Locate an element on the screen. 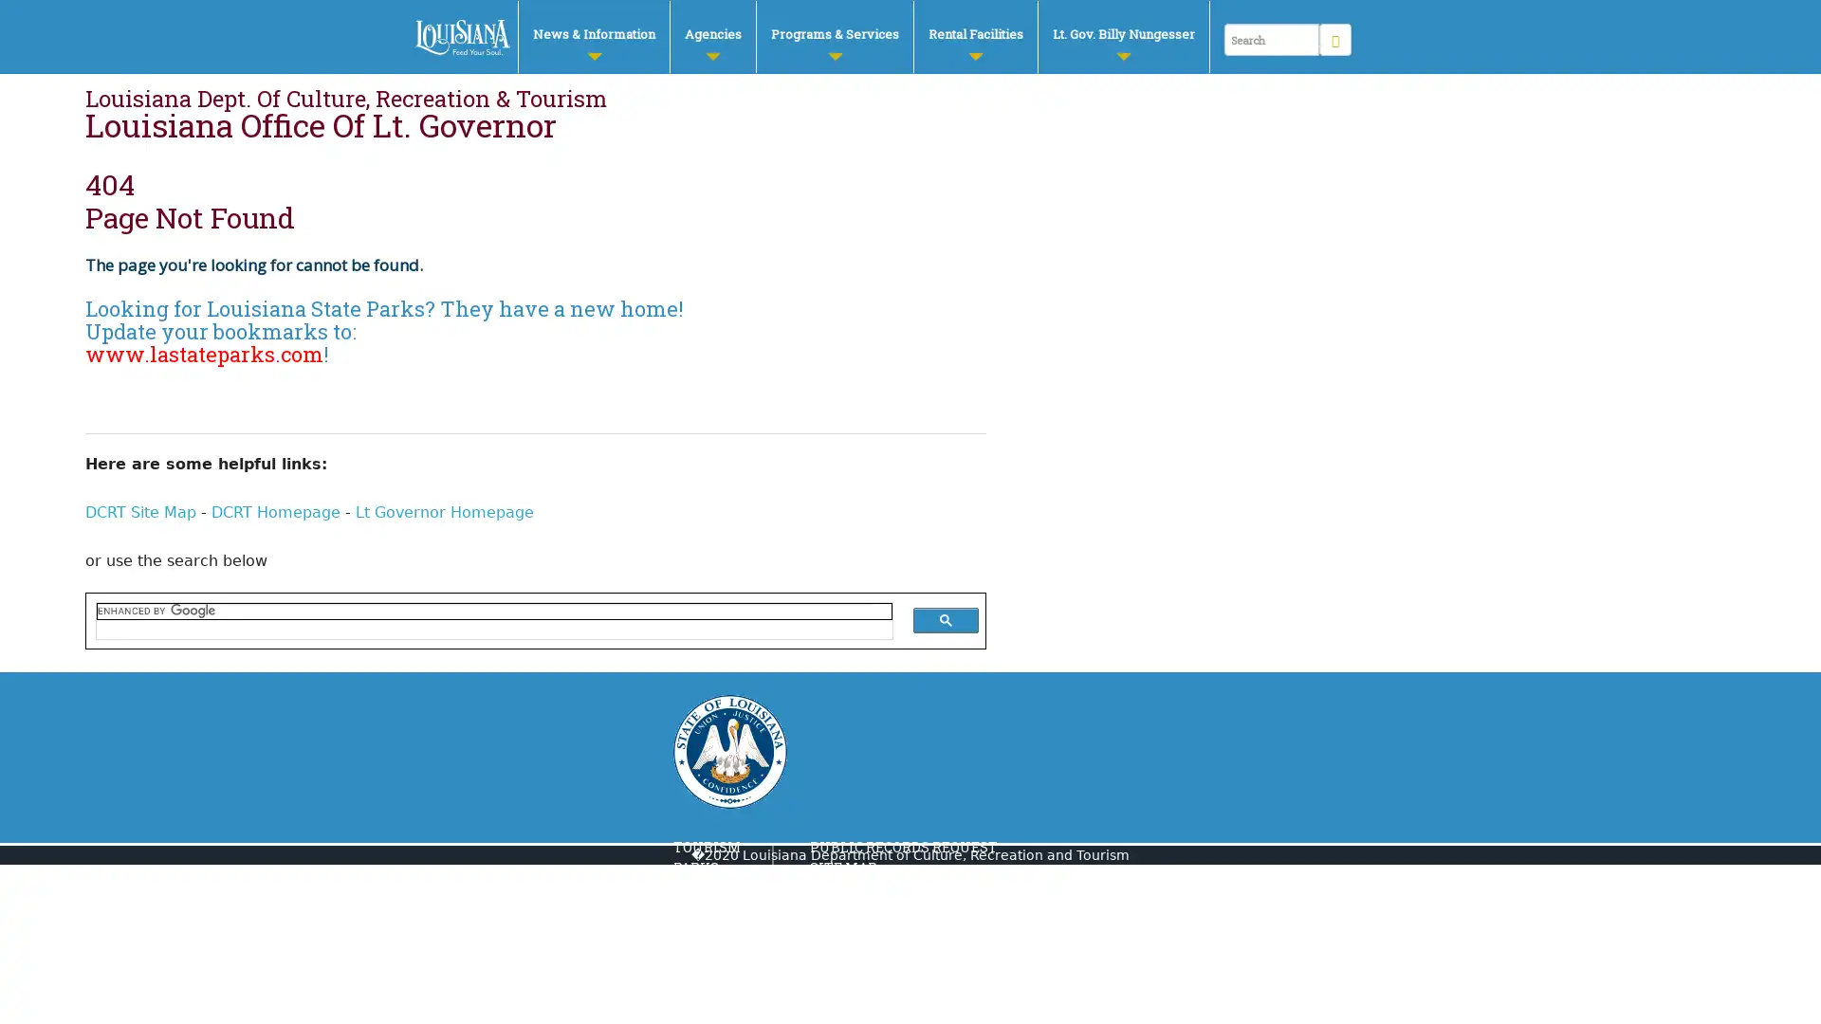 The image size is (1821, 1024). Lt. Gov. Billy Nungesser is located at coordinates (1124, 36).